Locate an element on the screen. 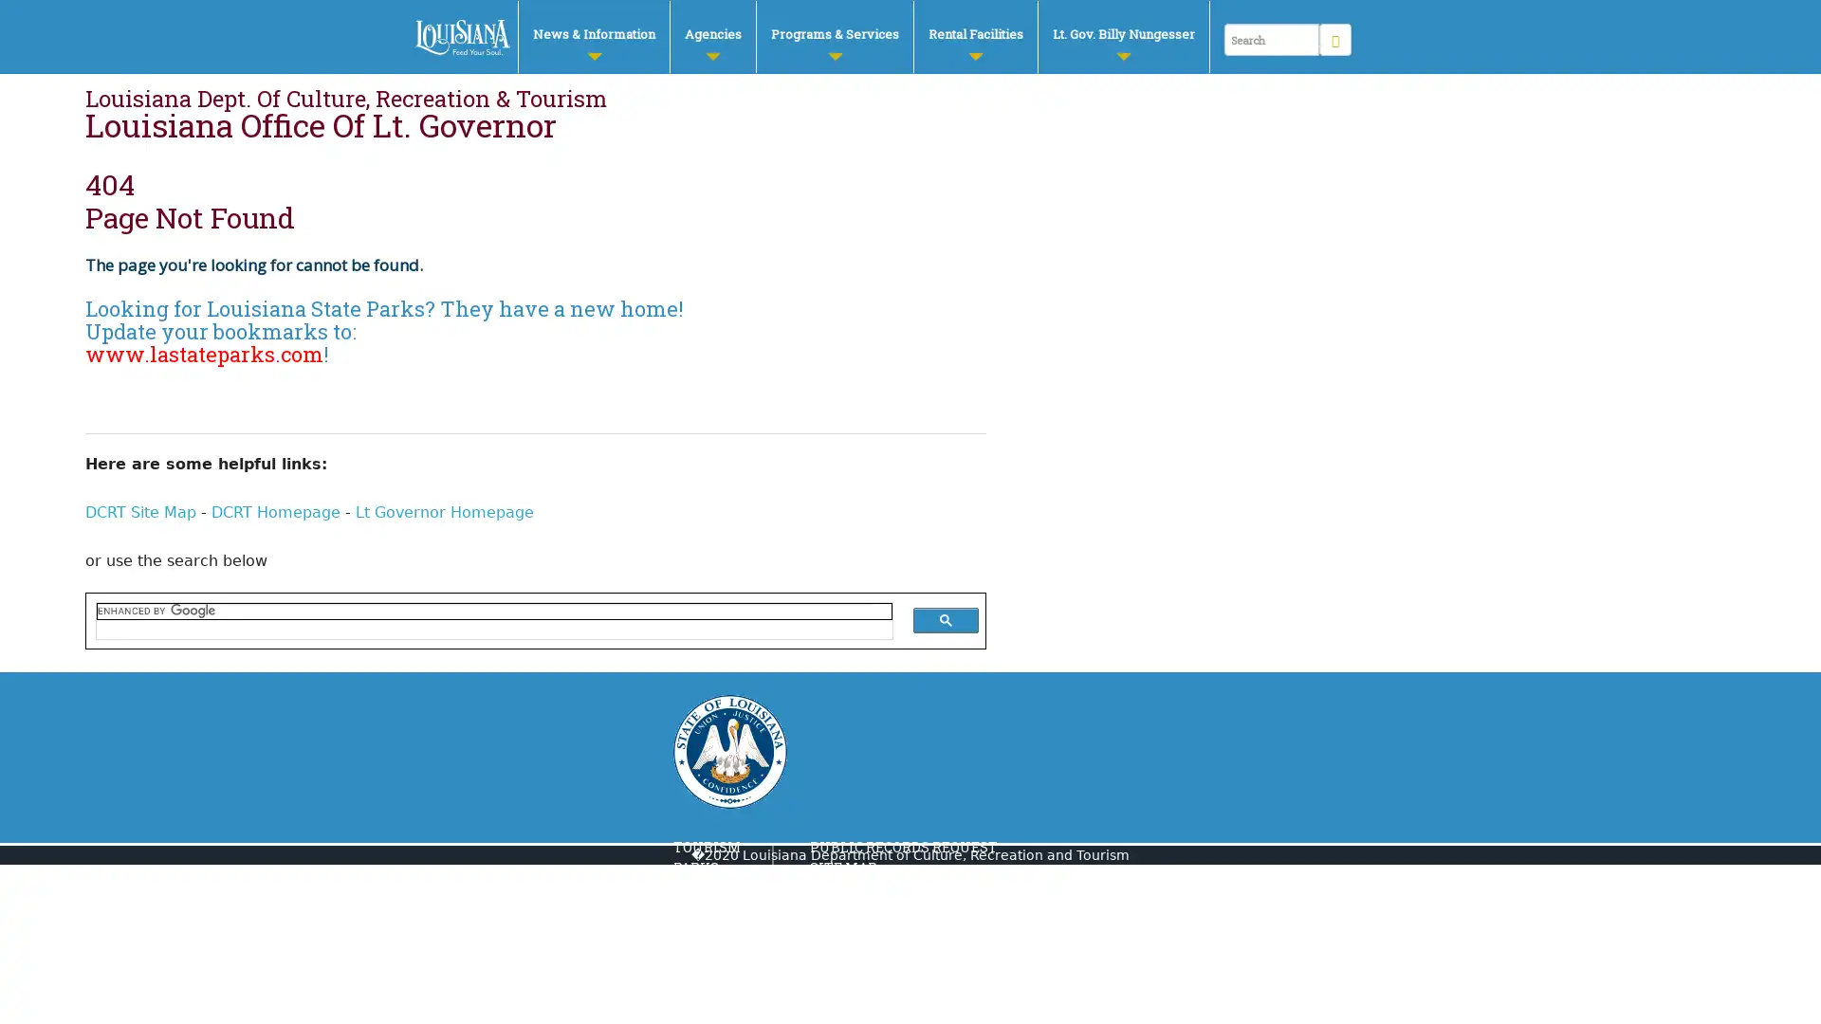 The image size is (1821, 1024). Lt. Gov. Billy Nungesser is located at coordinates (1124, 36).